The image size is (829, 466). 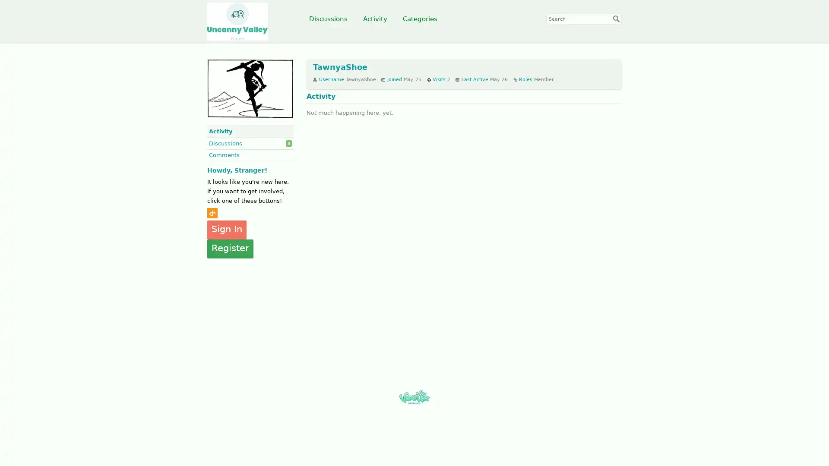 I want to click on Search, so click(x=616, y=19).